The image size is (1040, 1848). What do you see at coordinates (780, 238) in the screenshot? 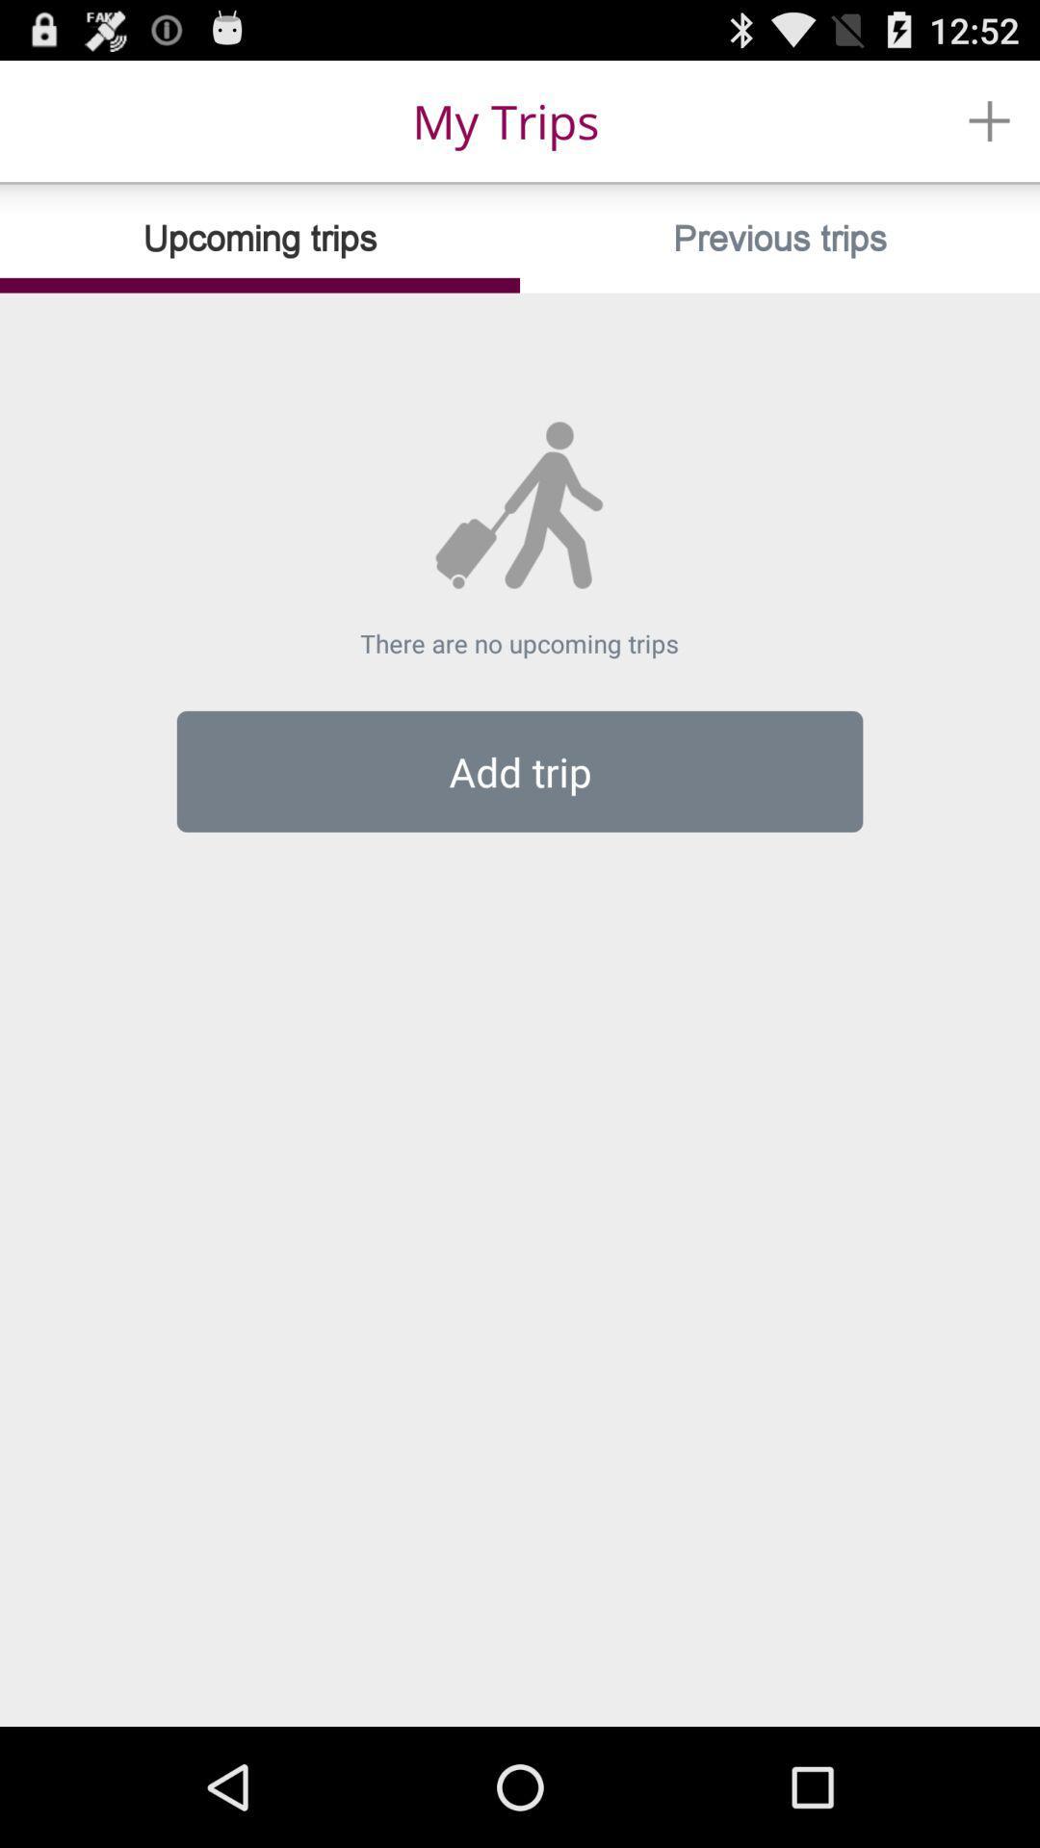
I see `previous trips icon` at bounding box center [780, 238].